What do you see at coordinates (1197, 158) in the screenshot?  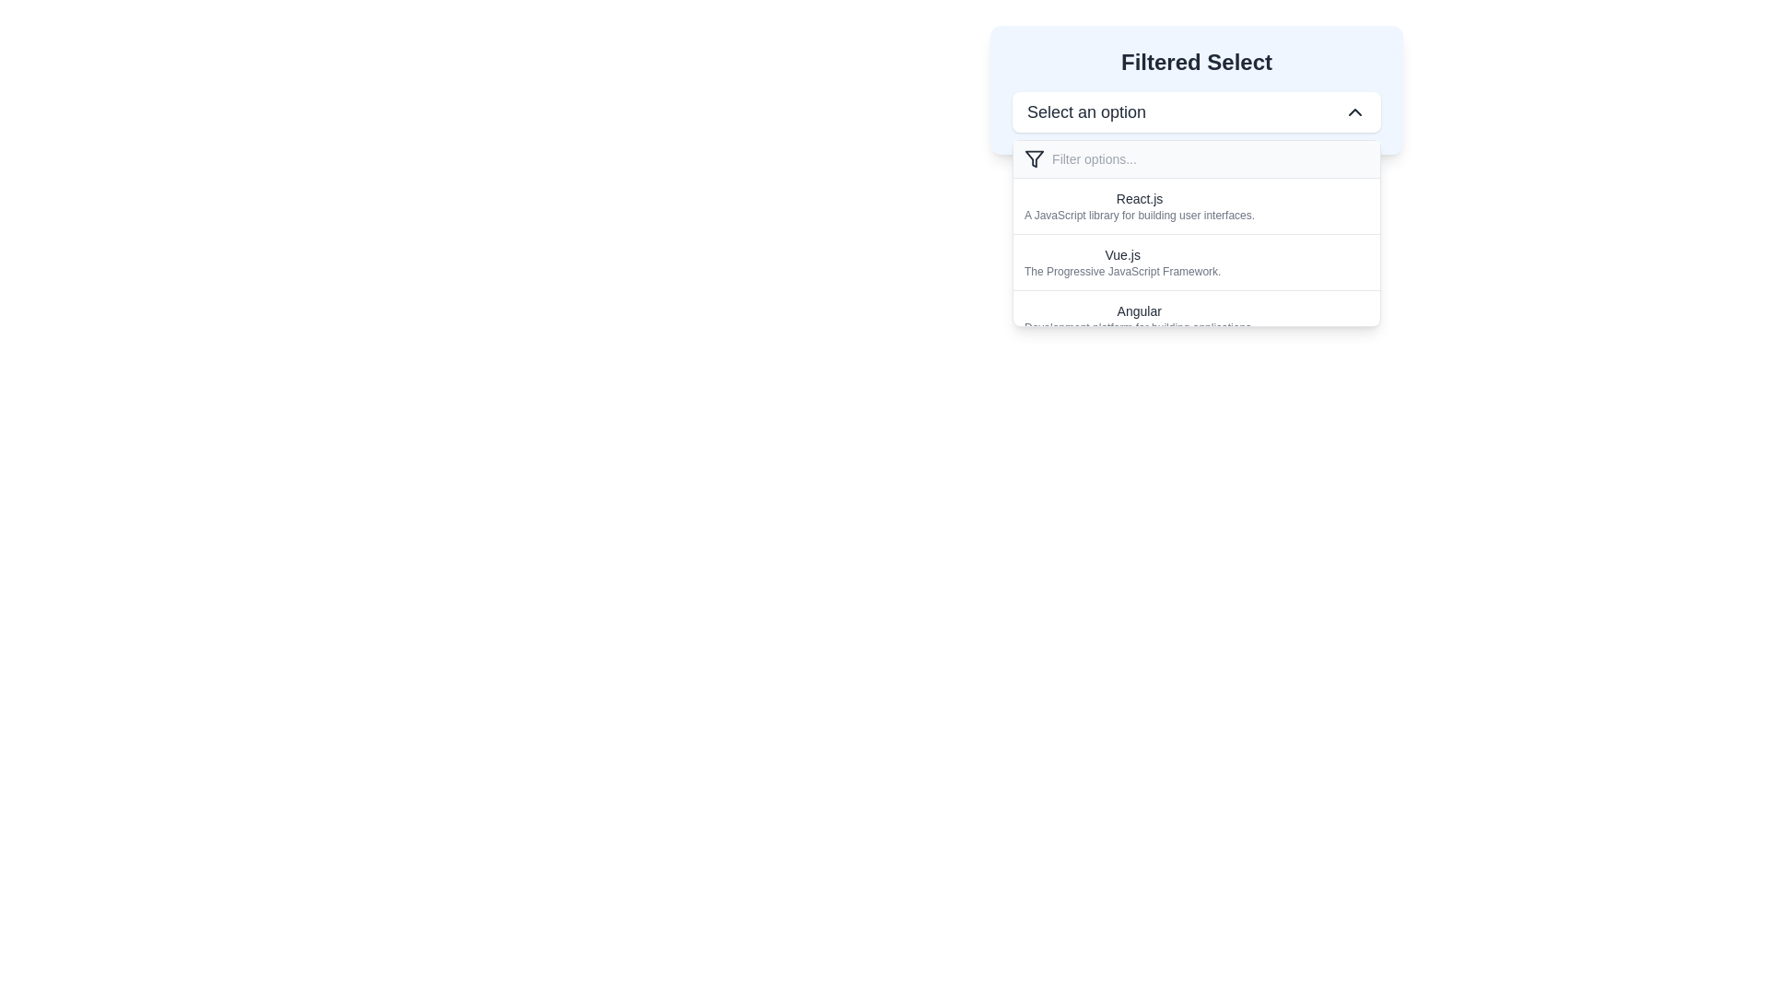 I see `the text input field located within the filter dropdown menu component` at bounding box center [1197, 158].